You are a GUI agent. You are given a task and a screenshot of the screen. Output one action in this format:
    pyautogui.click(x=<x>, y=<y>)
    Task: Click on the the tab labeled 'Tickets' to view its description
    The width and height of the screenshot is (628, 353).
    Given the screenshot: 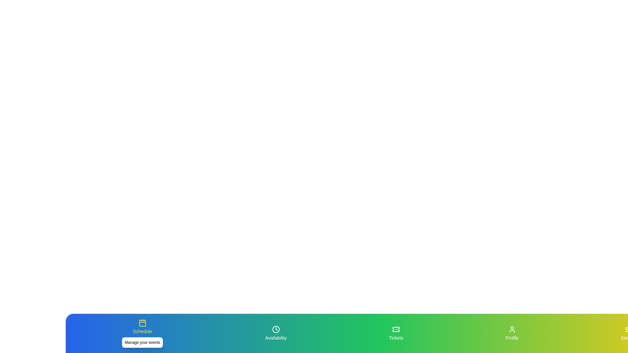 What is the action you would take?
    pyautogui.click(x=395, y=333)
    